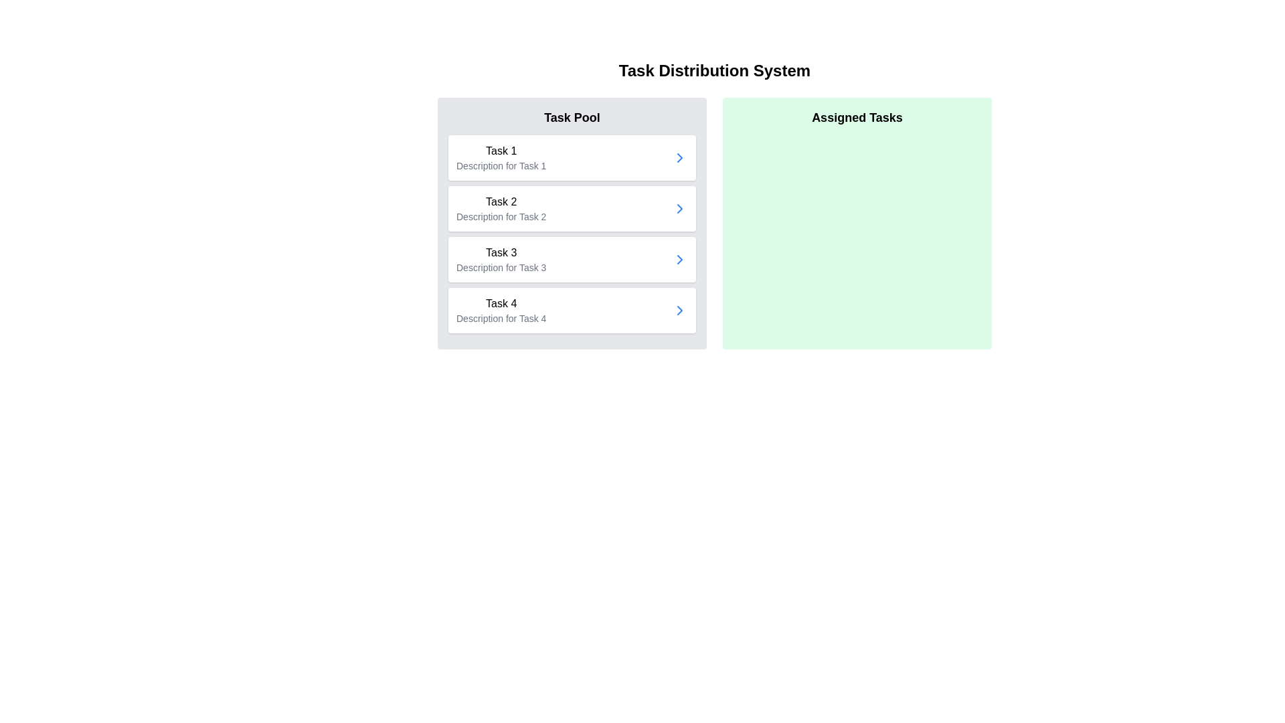 This screenshot has height=723, width=1285. I want to click on the text label that reads 'Task 2', which is styled with medium-sized, bold font and serves as the title for a task entry in the 'Task Pool' section, so click(501, 202).